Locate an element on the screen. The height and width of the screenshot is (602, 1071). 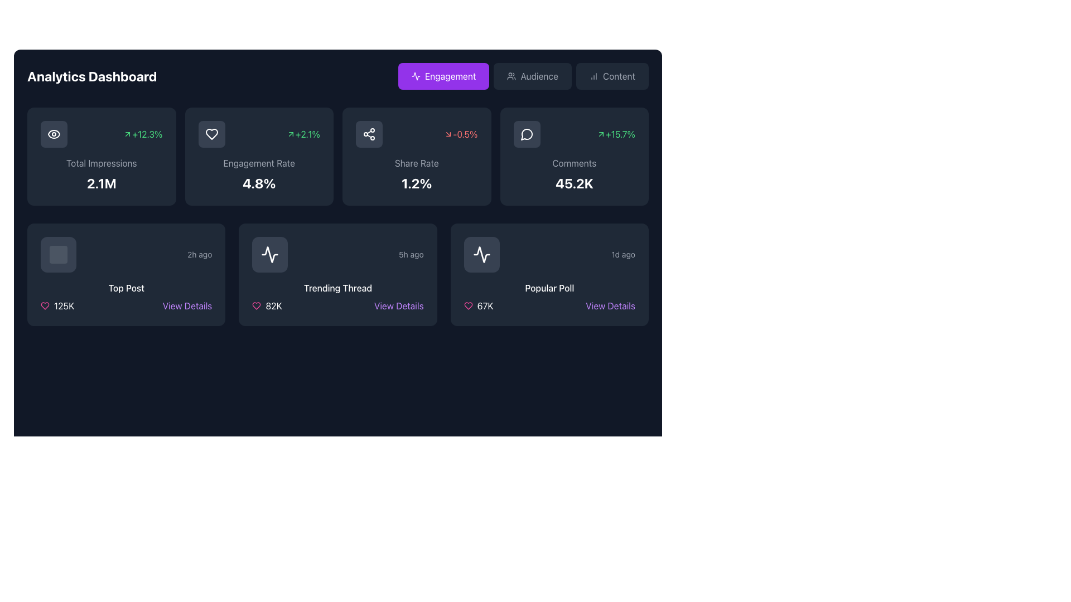
the heart icon outlined in white against a dark gray rounded rectangle background, located in the second card of the top row in the analytics dashboard, which displays 'Engagement Rate' is located at coordinates (211, 133).